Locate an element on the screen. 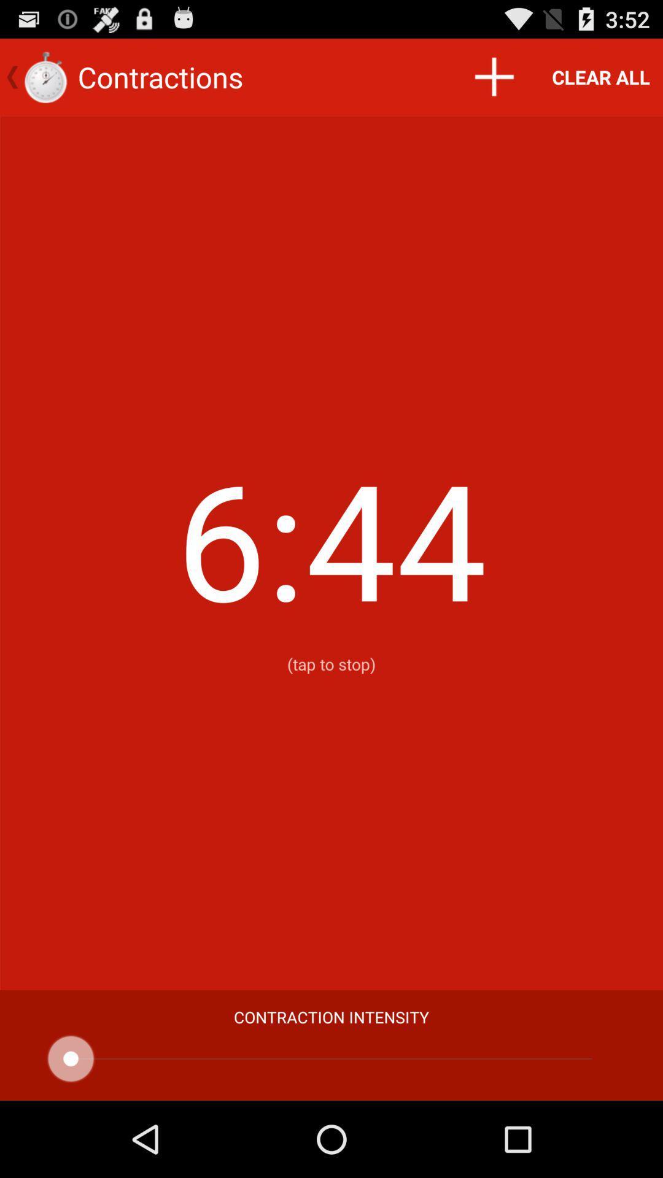  option right to addition symbol on top right is located at coordinates (600, 76).